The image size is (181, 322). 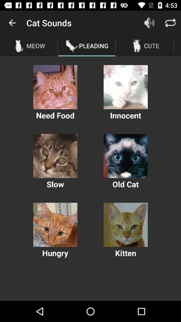 I want to click on open specific session, so click(x=55, y=225).